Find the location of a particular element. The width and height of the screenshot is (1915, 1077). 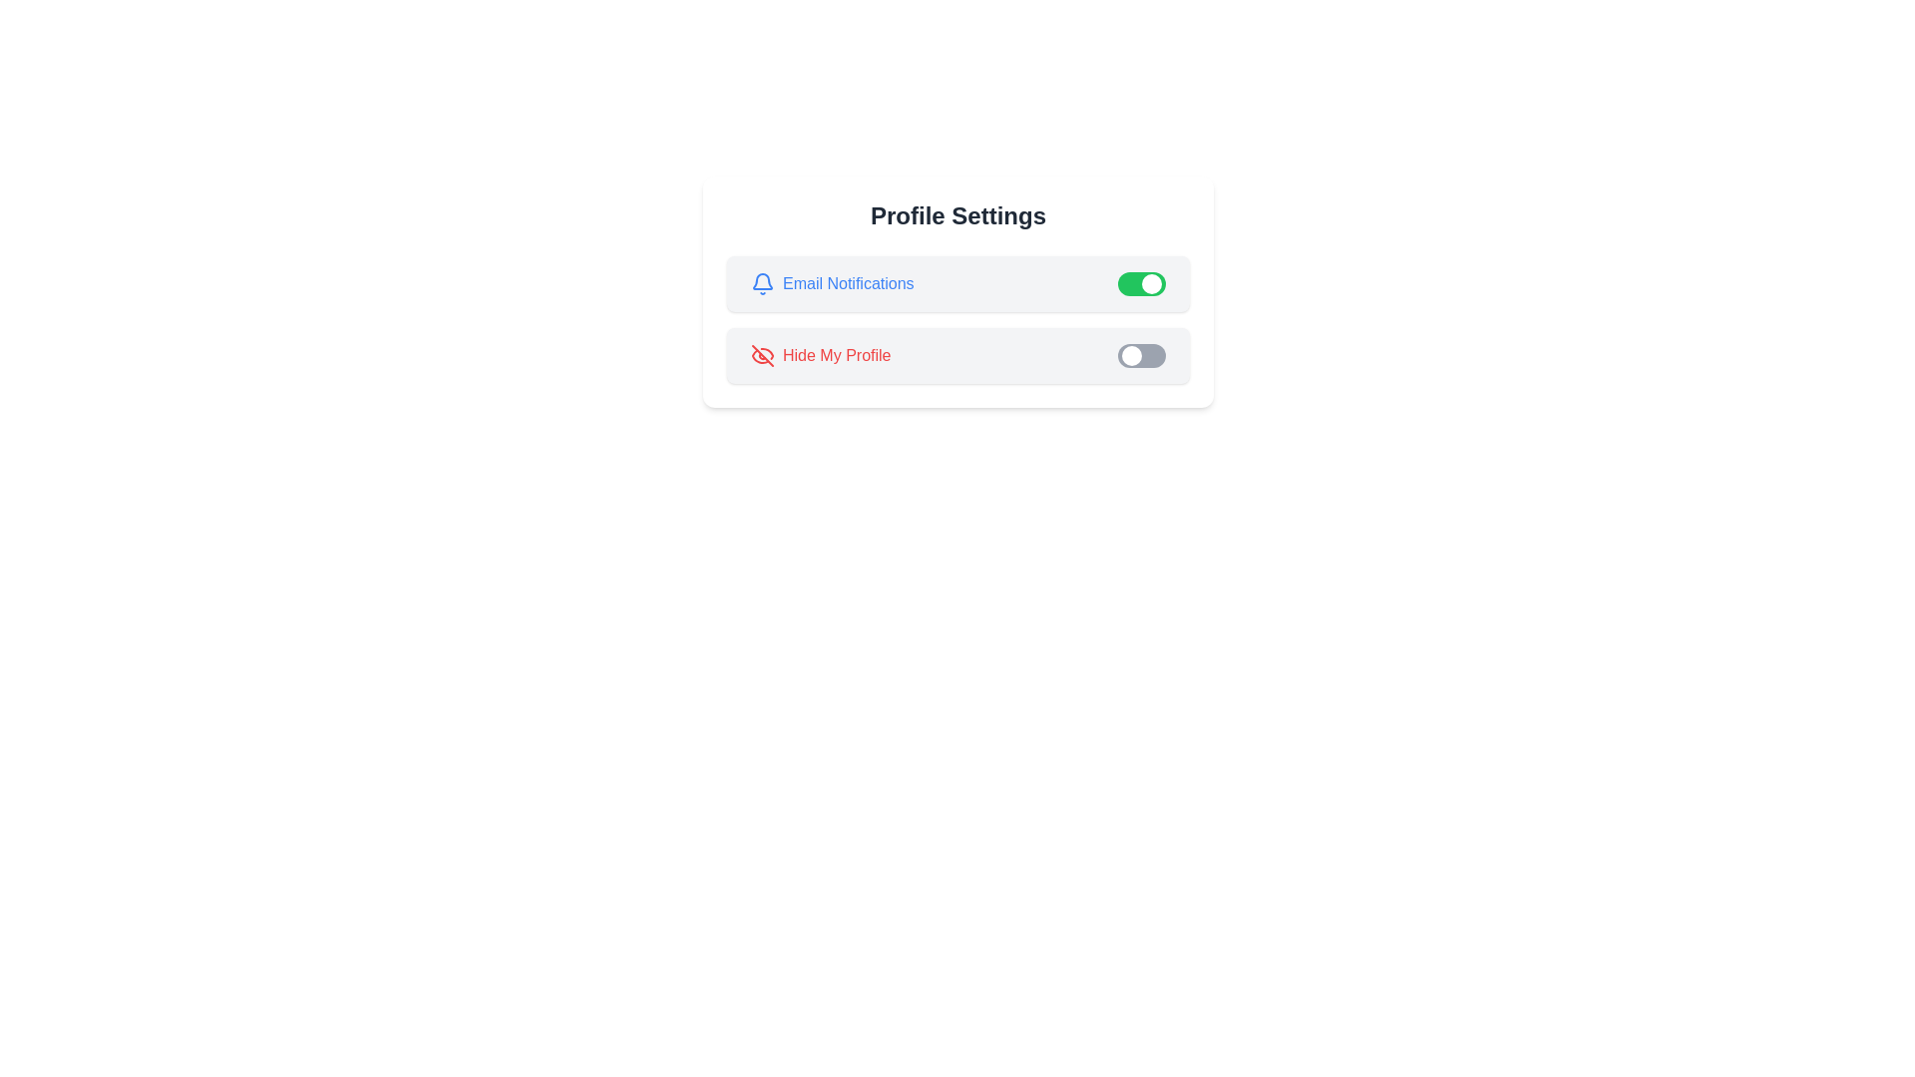

the toggle switch located to the right of the 'Hide My Profile' text in the 'Profile Settings' panel is located at coordinates (1142, 355).